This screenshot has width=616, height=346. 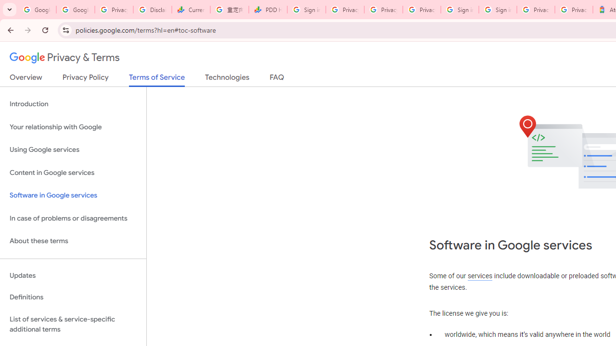 What do you see at coordinates (459, 10) in the screenshot?
I see `'Sign in - Google Accounts'` at bounding box center [459, 10].